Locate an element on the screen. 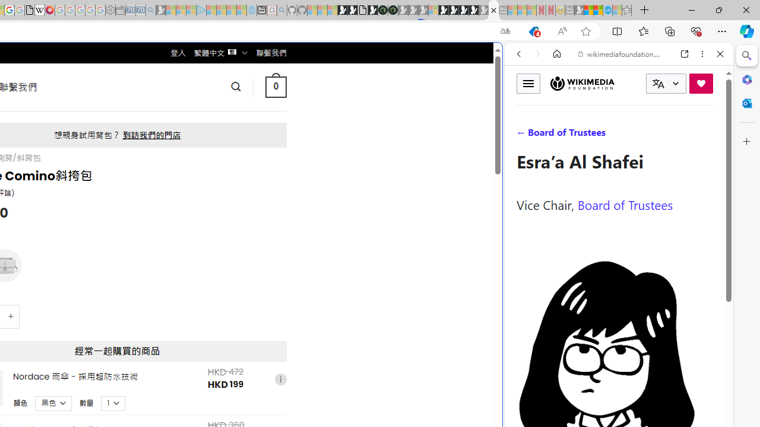 The image size is (760, 427). 'Show translate options' is located at coordinates (505, 31).